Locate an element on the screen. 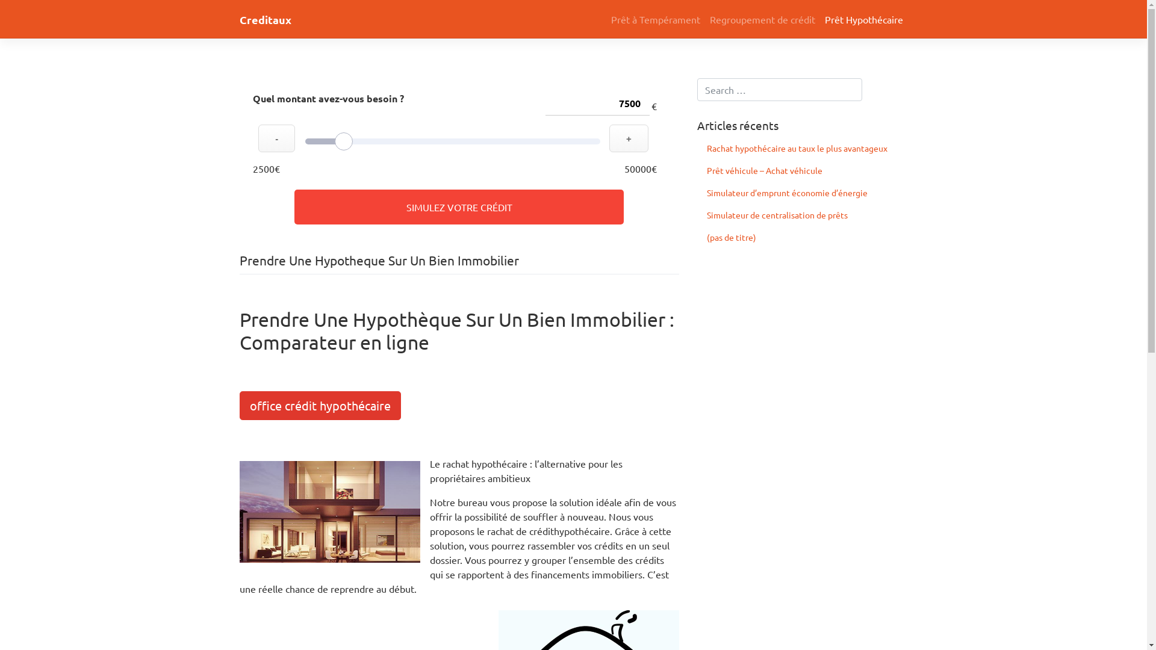  'Creditaux' is located at coordinates (265, 19).